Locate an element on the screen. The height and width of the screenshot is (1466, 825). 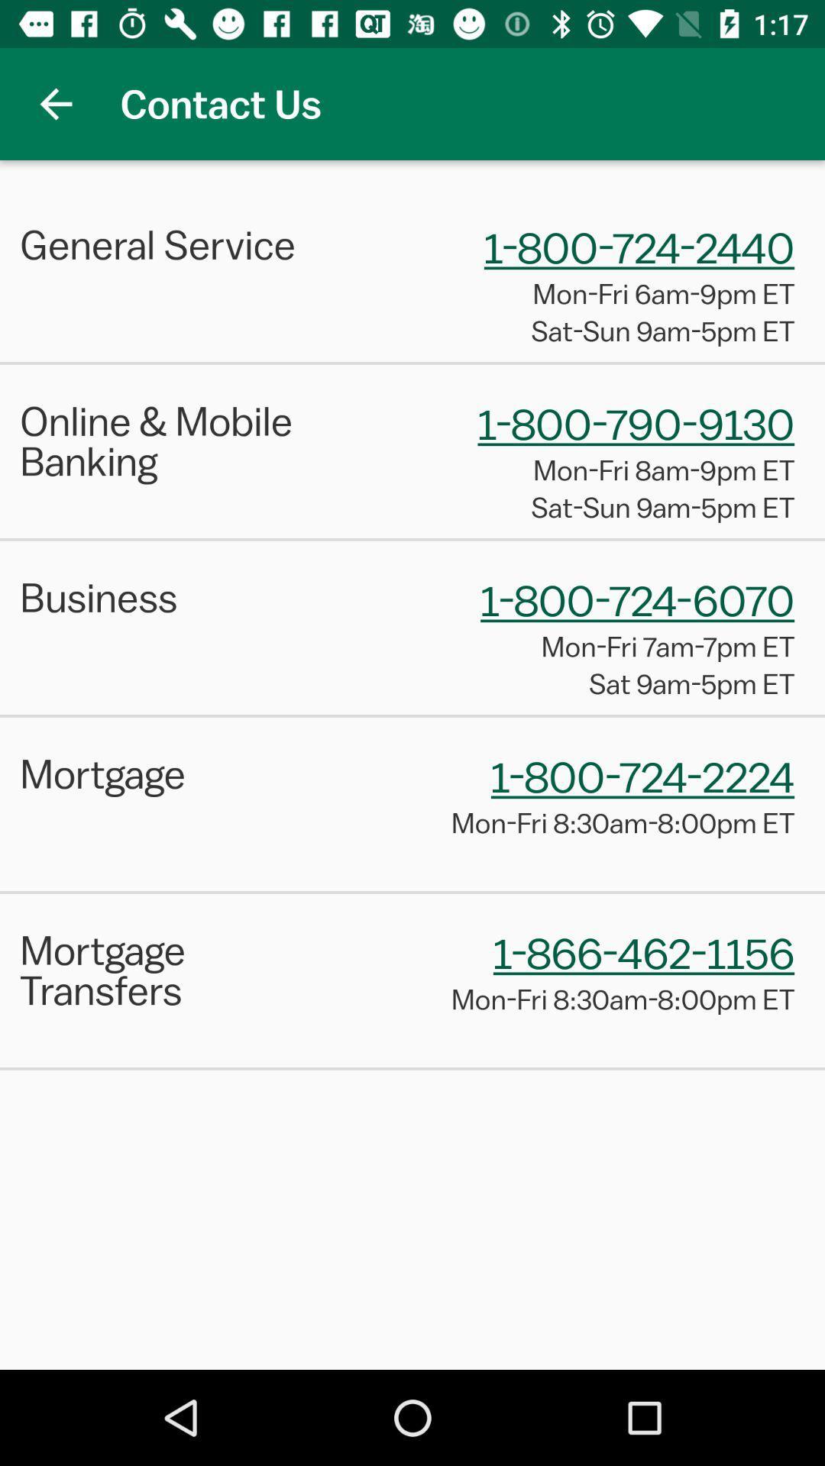
icon to the right of the mortgage transfers item is located at coordinates (644, 951).